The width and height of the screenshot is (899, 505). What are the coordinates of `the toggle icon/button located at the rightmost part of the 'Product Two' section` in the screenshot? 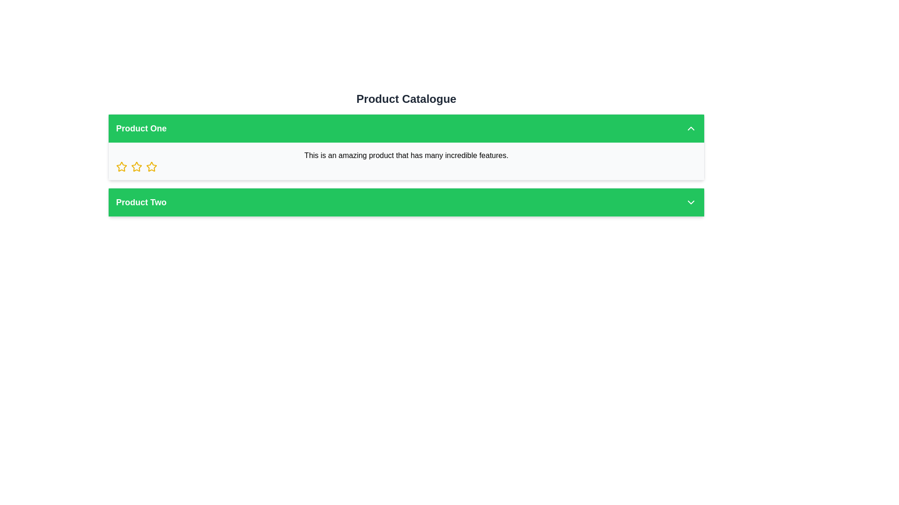 It's located at (691, 202).